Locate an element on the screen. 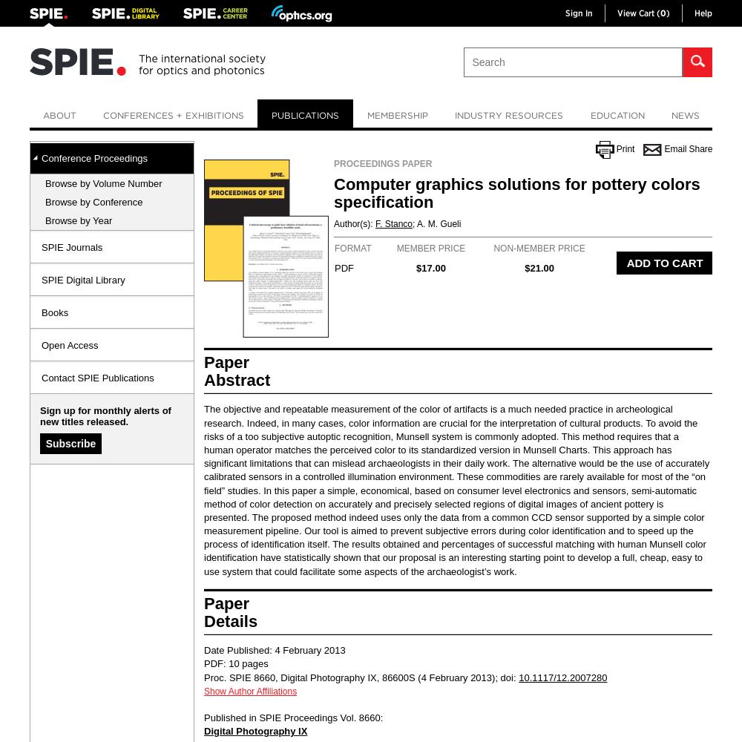 The height and width of the screenshot is (742, 742). 'Browse by Year' is located at coordinates (78, 220).